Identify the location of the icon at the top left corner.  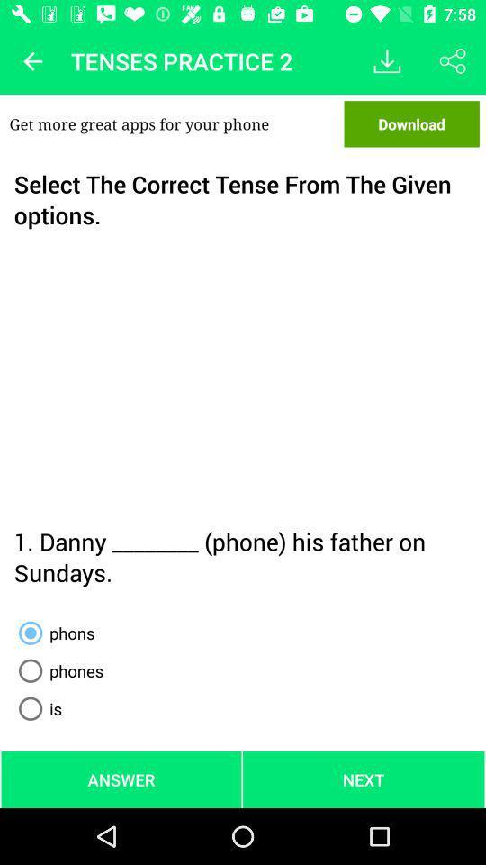
(32, 61).